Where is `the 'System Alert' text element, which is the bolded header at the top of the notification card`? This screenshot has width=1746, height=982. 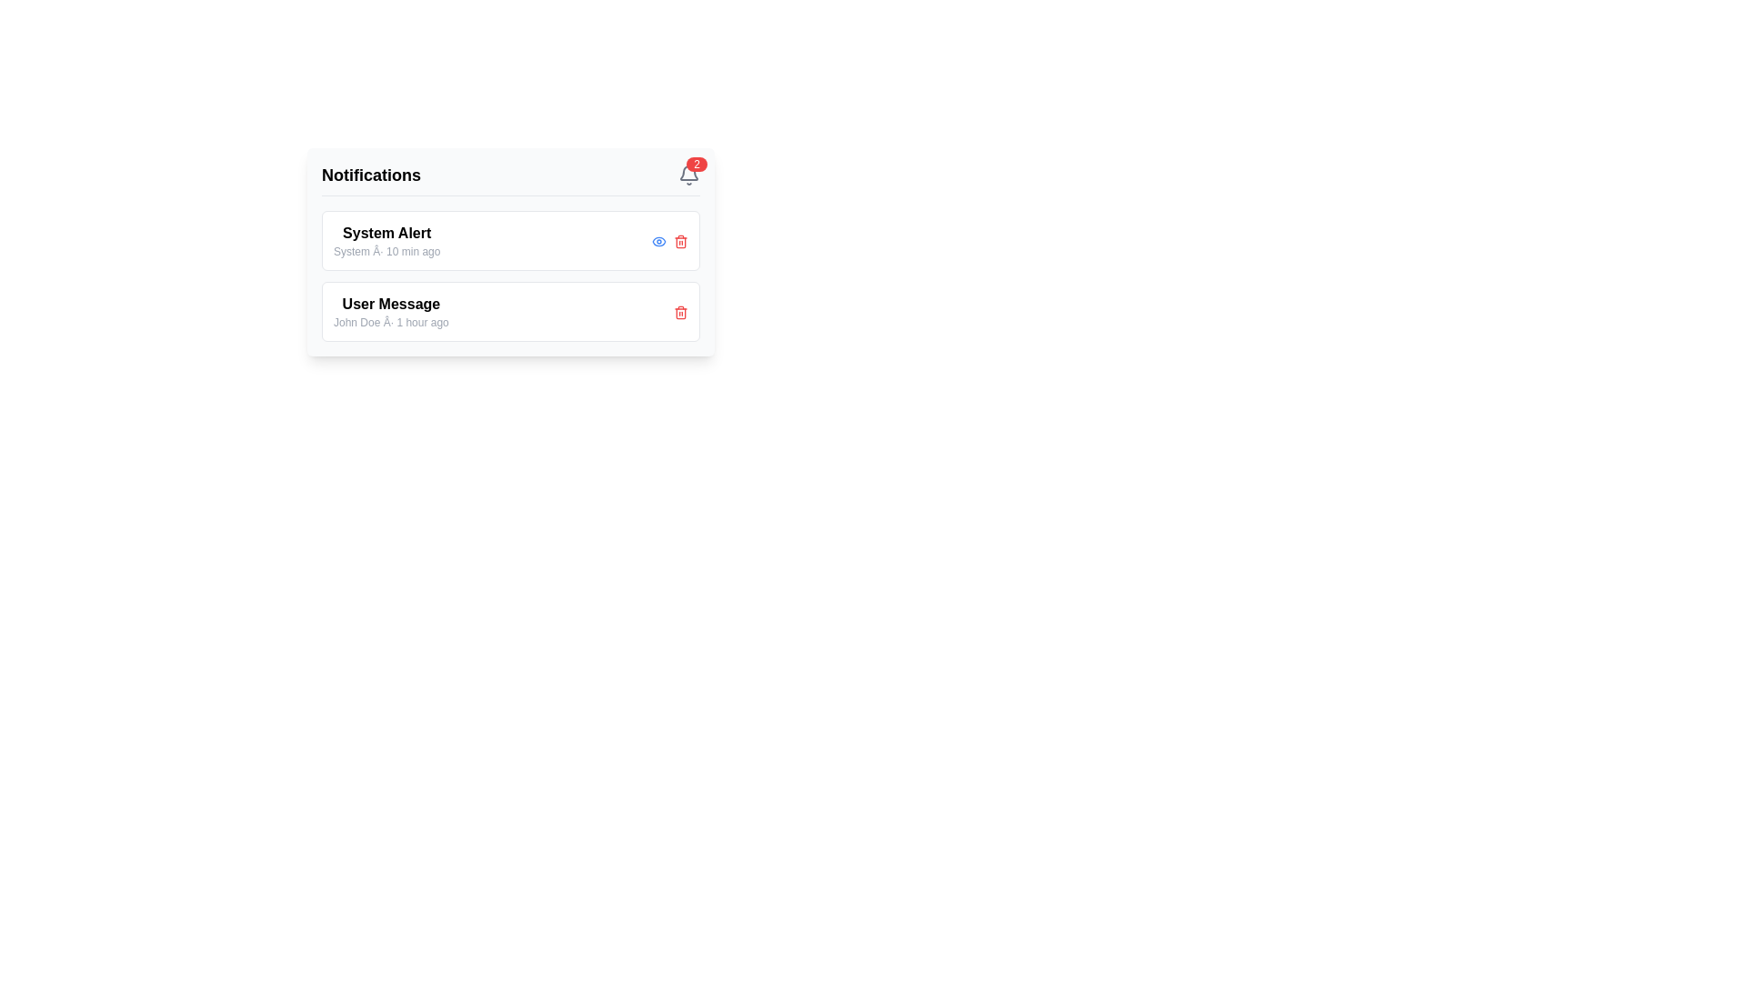 the 'System Alert' text element, which is the bolded header at the top of the notification card is located at coordinates (386, 233).